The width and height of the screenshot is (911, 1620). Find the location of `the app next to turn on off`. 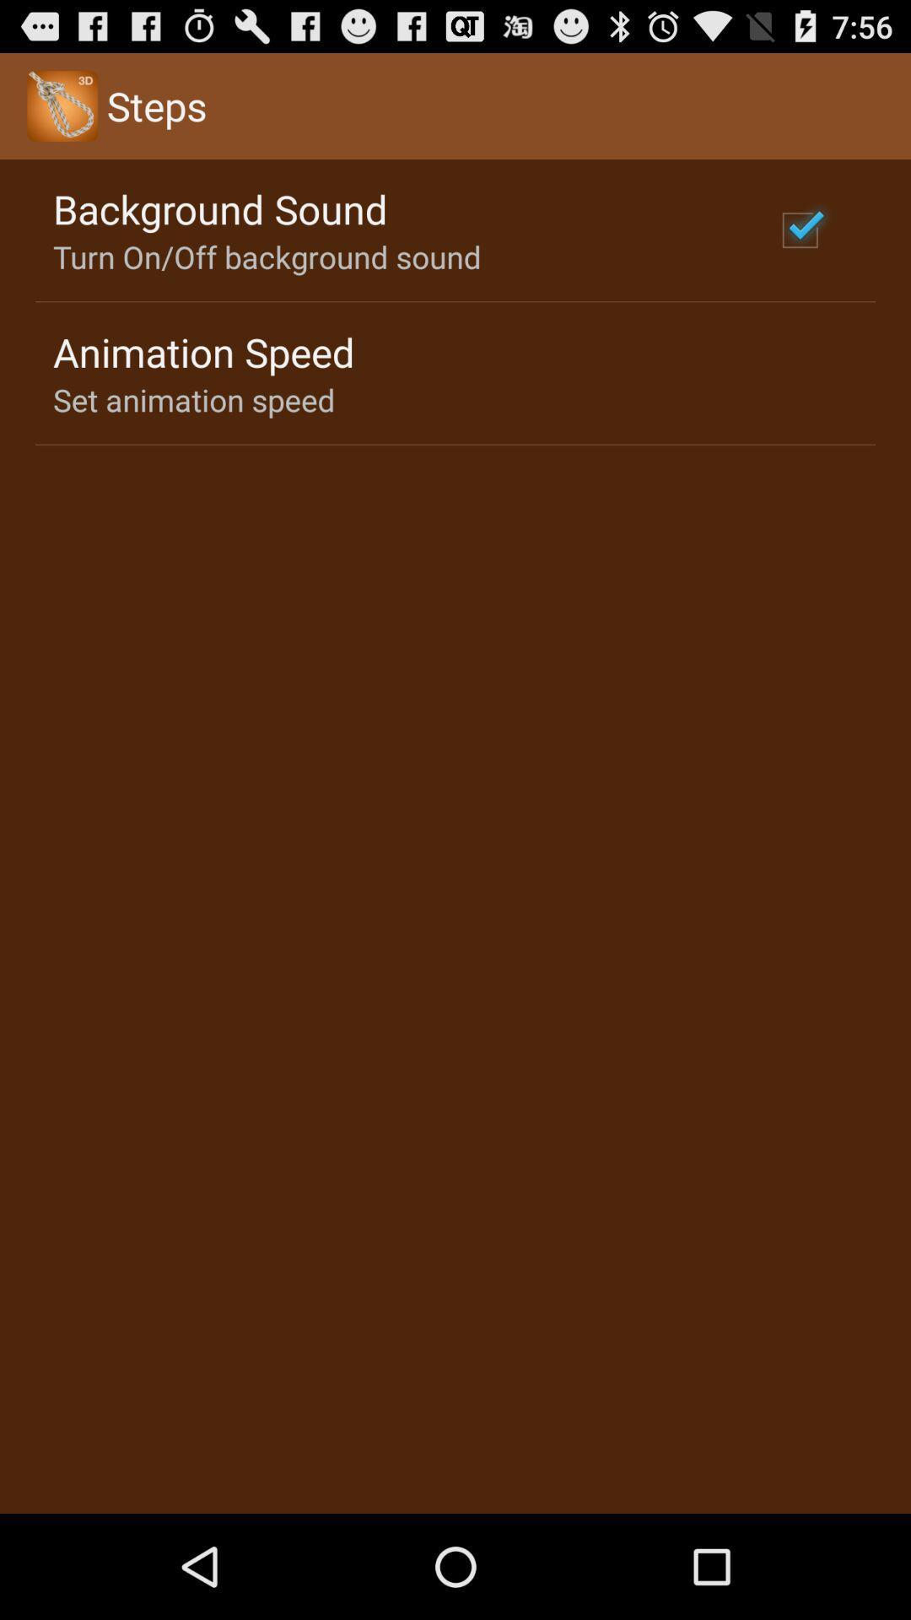

the app next to turn on off is located at coordinates (799, 229).